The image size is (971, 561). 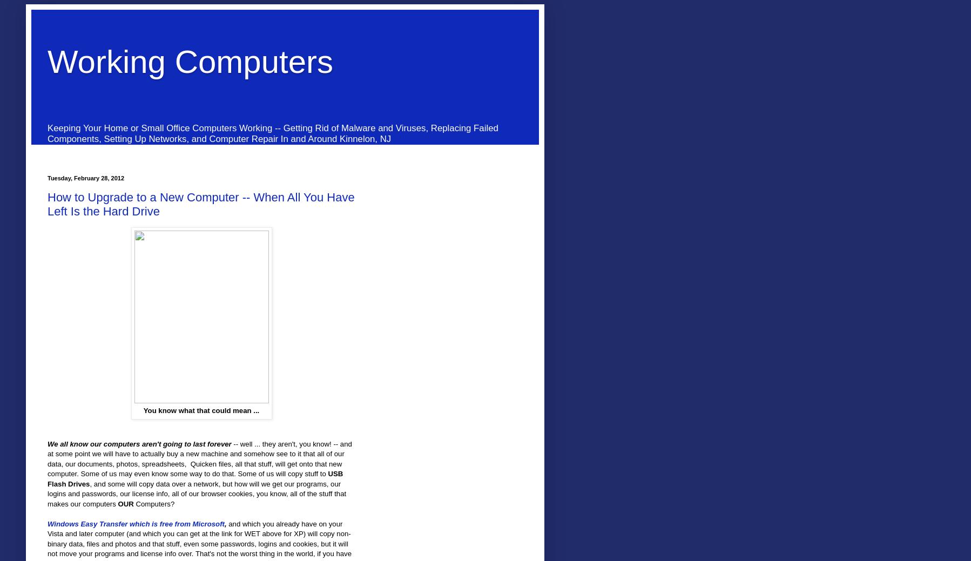 What do you see at coordinates (196, 494) in the screenshot?
I see `', and some will copy data over a network, but how will we get our programs, our logins and passwords, our license info, all of our browser cookies, you know, all of the stuff that makes our computers'` at bounding box center [196, 494].